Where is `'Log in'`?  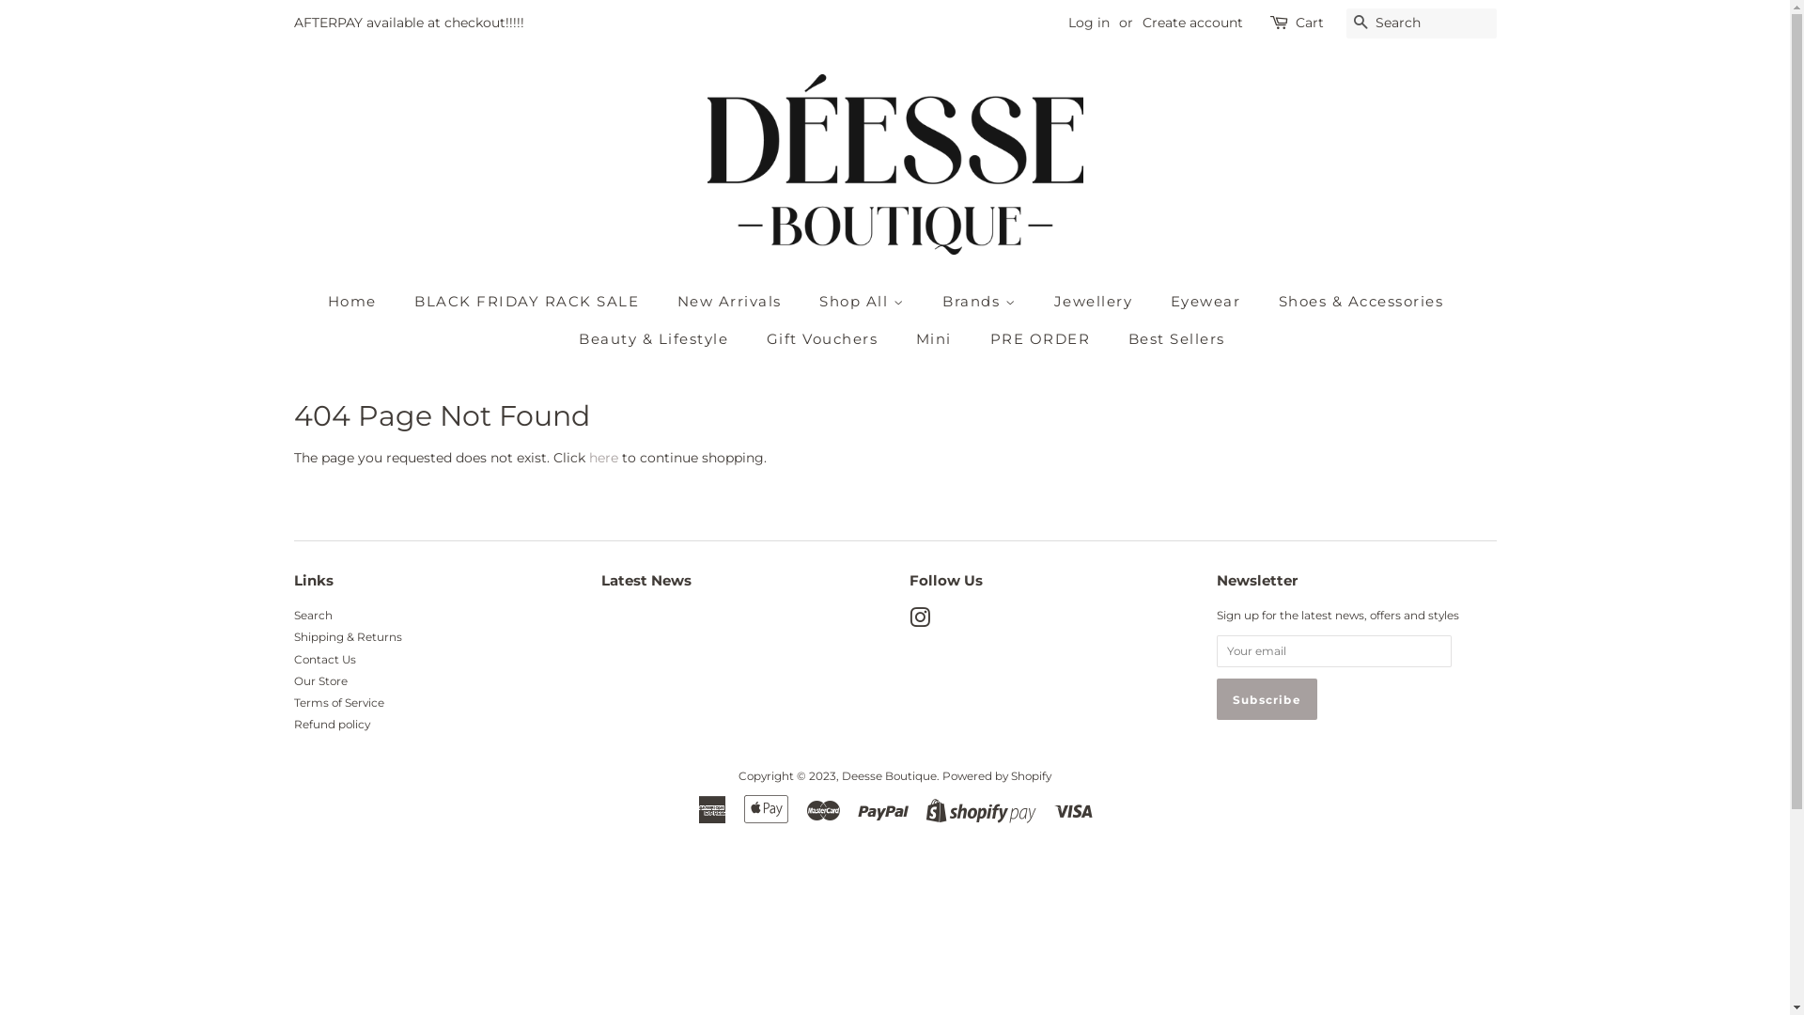 'Log in' is located at coordinates (1087, 22).